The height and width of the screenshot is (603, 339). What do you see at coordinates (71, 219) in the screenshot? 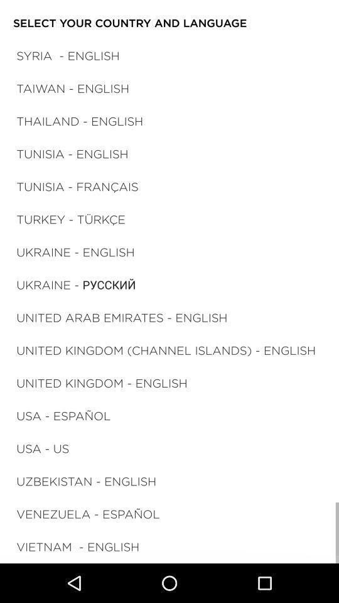
I see `item above the ukraine - english` at bounding box center [71, 219].